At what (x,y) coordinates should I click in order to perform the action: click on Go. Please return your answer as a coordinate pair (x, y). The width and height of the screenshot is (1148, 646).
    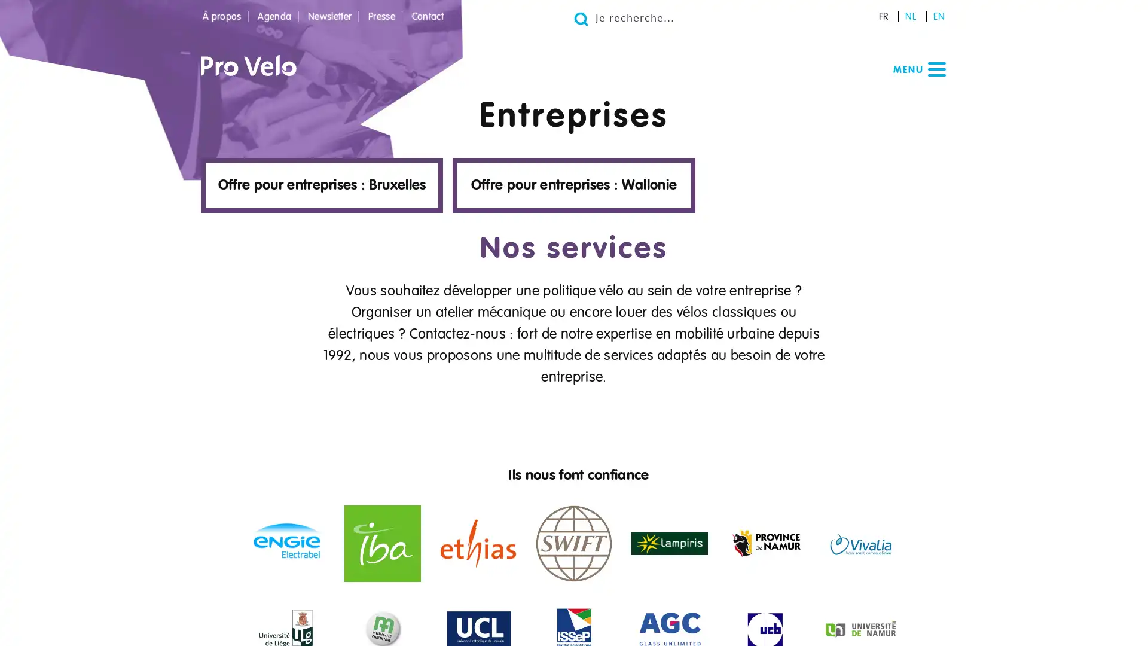
    Looking at the image, I should click on (581, 18).